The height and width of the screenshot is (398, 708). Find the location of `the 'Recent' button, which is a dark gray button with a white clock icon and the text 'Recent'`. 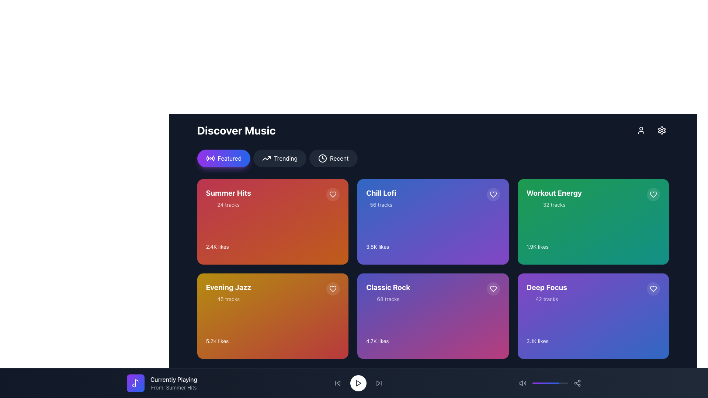

the 'Recent' button, which is a dark gray button with a white clock icon and the text 'Recent' is located at coordinates (333, 158).